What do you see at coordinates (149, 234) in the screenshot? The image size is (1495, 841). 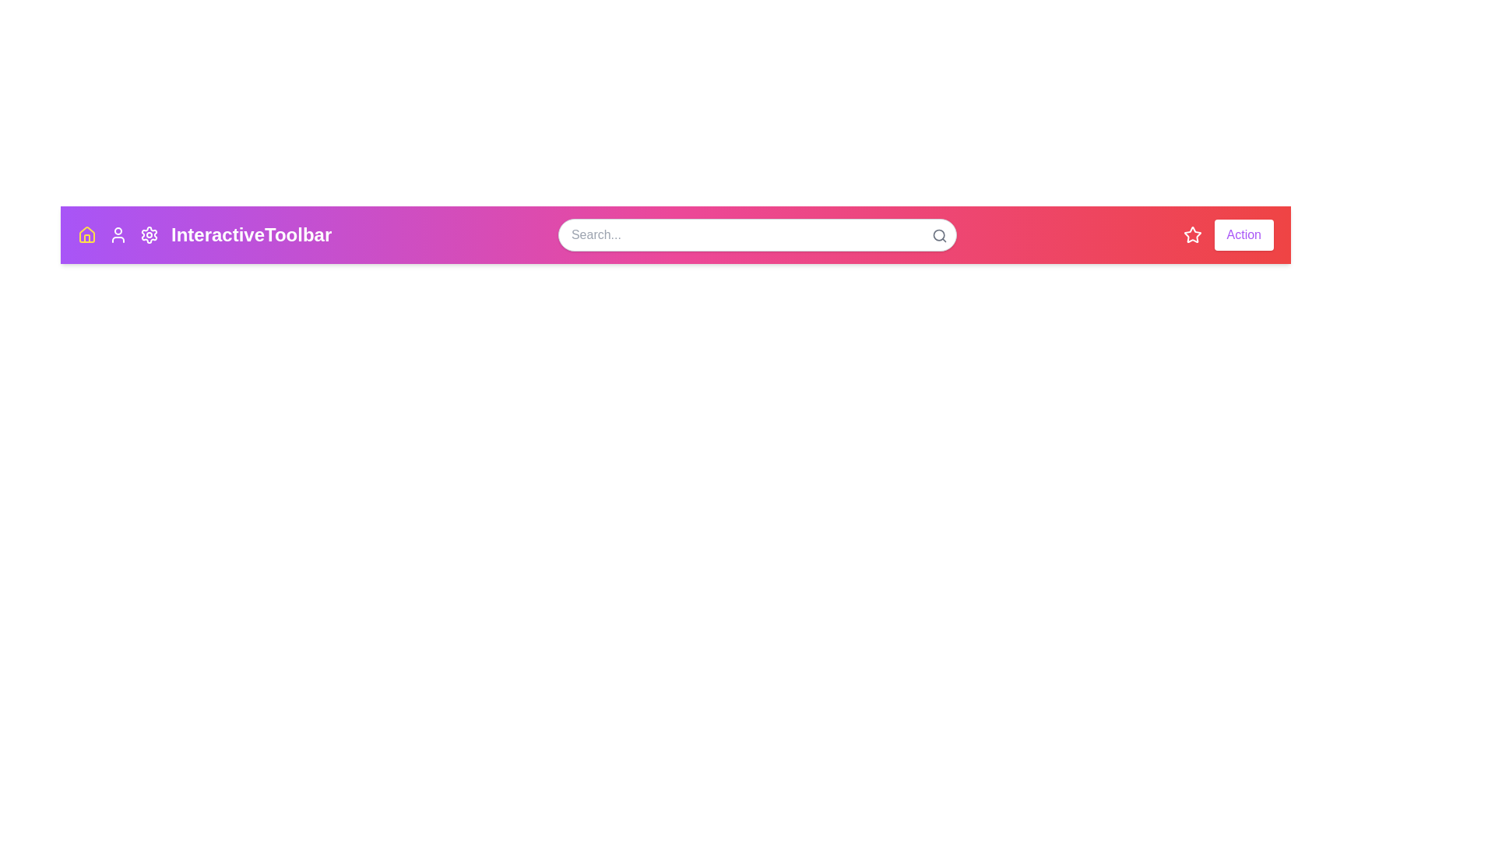 I see `the Settings icon to switch the active tab` at bounding box center [149, 234].